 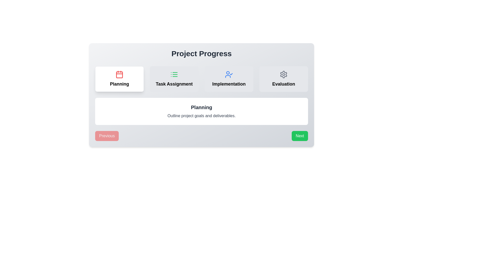 What do you see at coordinates (174, 75) in the screenshot?
I see `the task assignment icon located in the second card of the horizontal steps navigation, which helps the user identify the relevant section quickly` at bounding box center [174, 75].